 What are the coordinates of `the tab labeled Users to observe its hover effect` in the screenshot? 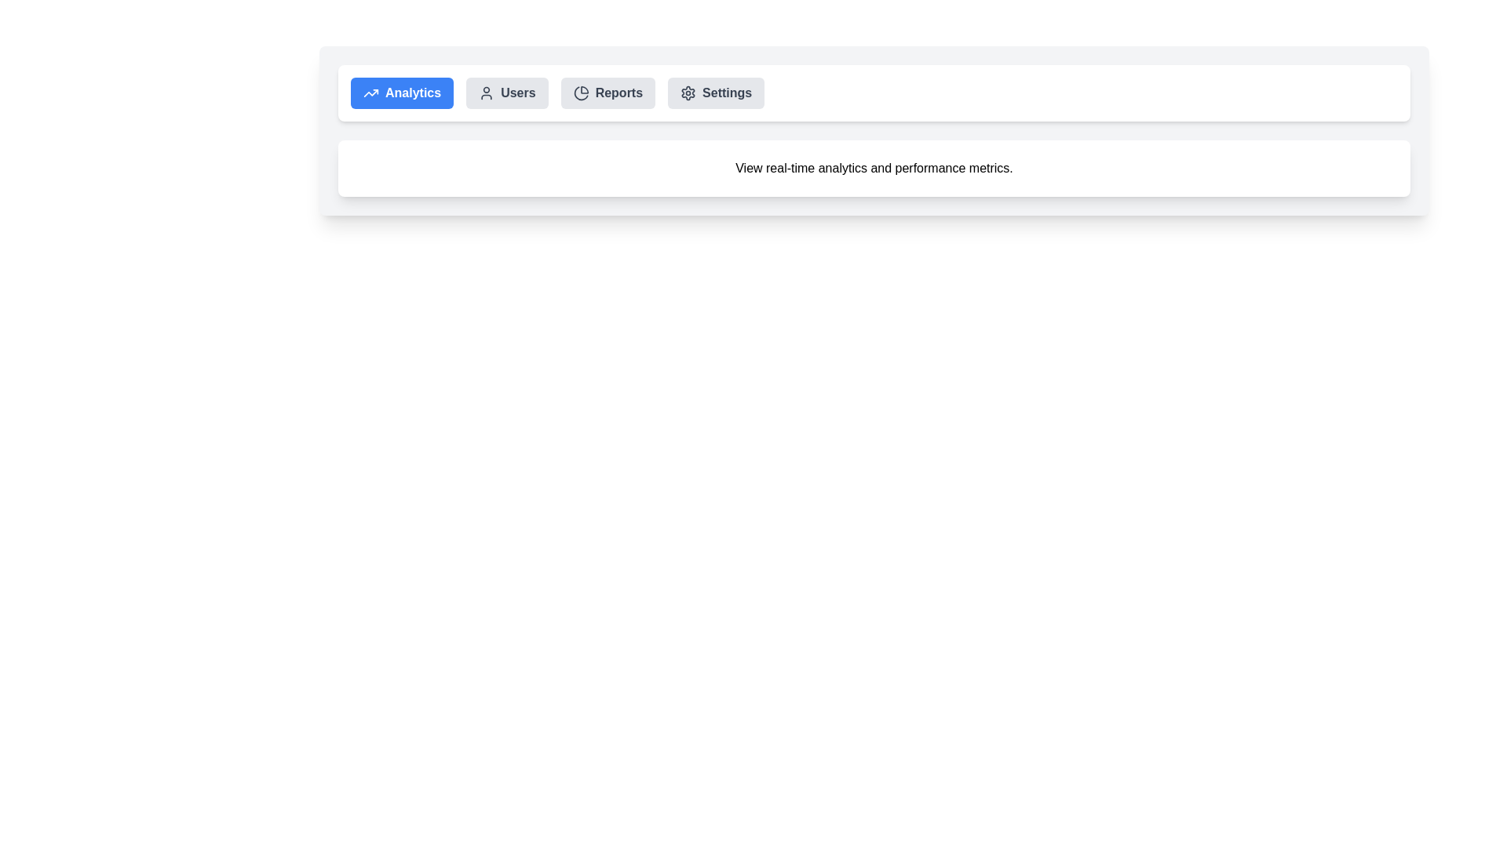 It's located at (507, 93).